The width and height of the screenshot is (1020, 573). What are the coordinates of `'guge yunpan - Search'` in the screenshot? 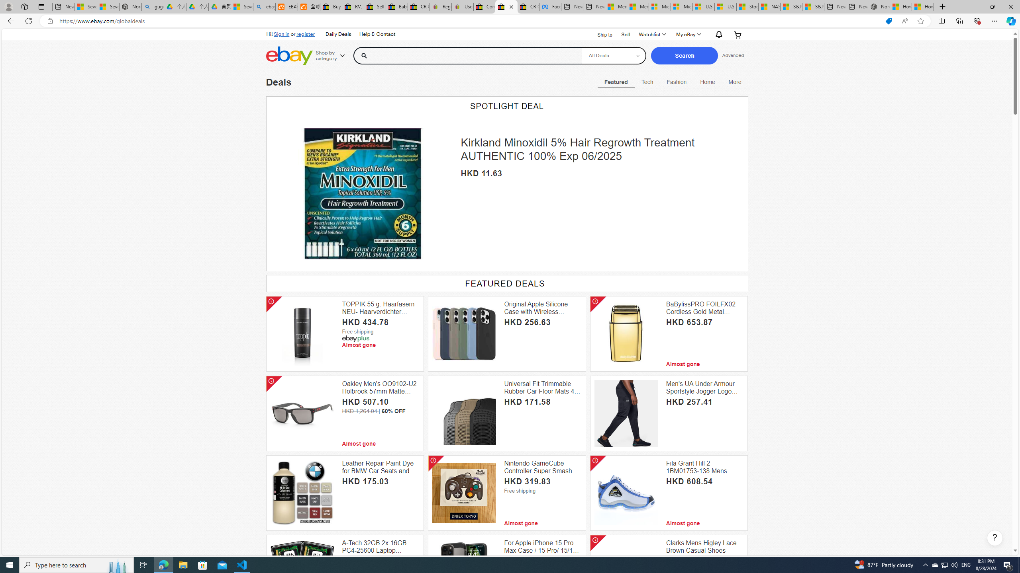 It's located at (153, 6).